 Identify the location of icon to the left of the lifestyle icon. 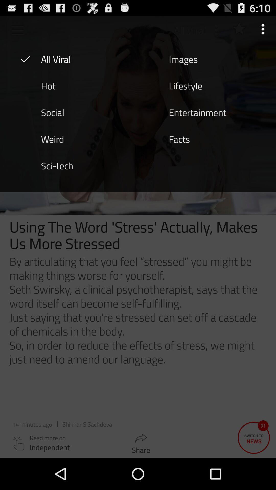
(48, 85).